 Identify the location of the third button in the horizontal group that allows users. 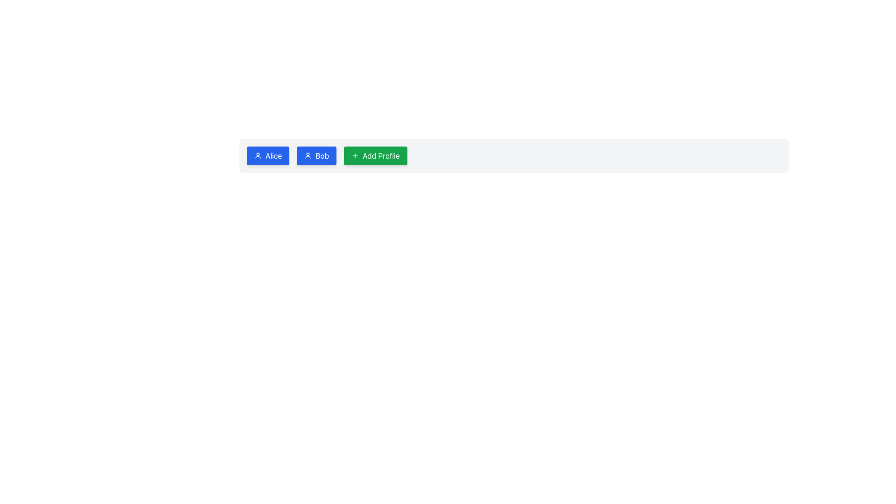
(375, 155).